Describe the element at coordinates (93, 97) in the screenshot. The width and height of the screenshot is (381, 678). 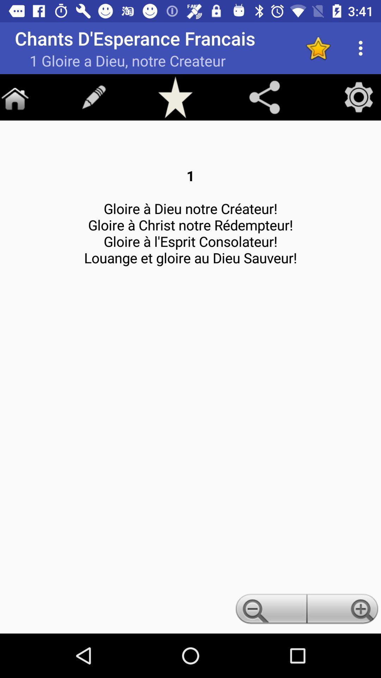
I see `item below the 1 gloire a item` at that location.